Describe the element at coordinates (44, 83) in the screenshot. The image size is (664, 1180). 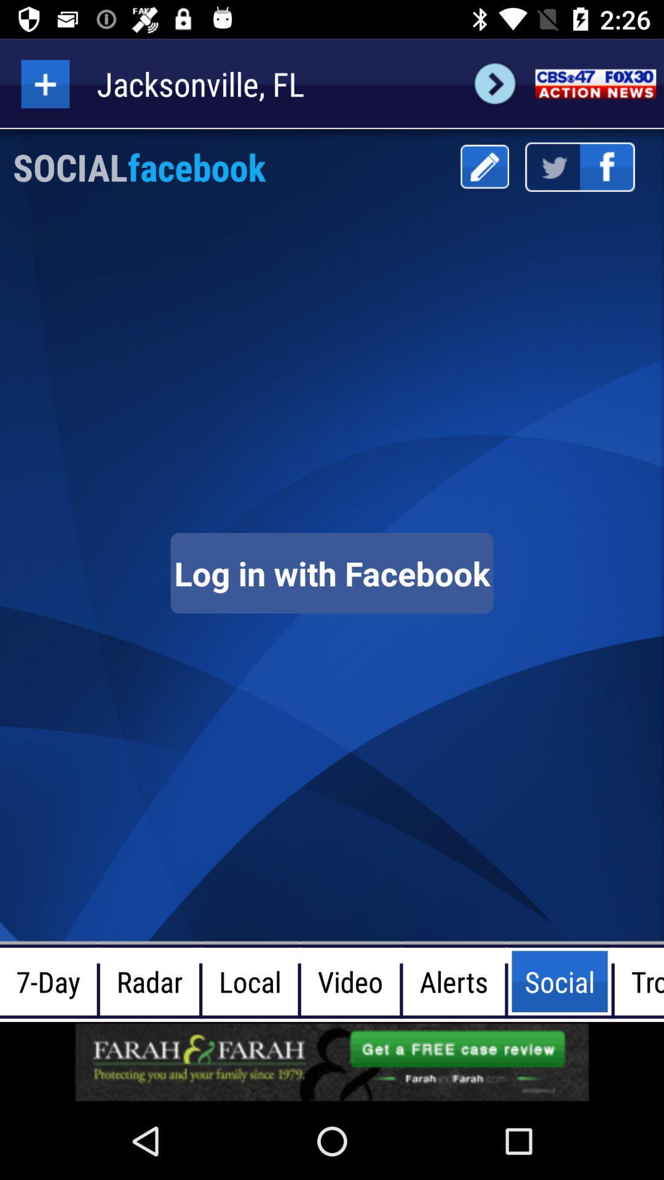
I see `add button` at that location.